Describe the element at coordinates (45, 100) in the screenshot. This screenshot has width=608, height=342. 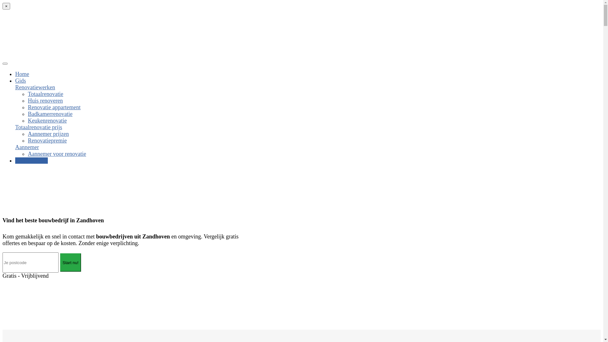
I see `'Huis renoveren'` at that location.